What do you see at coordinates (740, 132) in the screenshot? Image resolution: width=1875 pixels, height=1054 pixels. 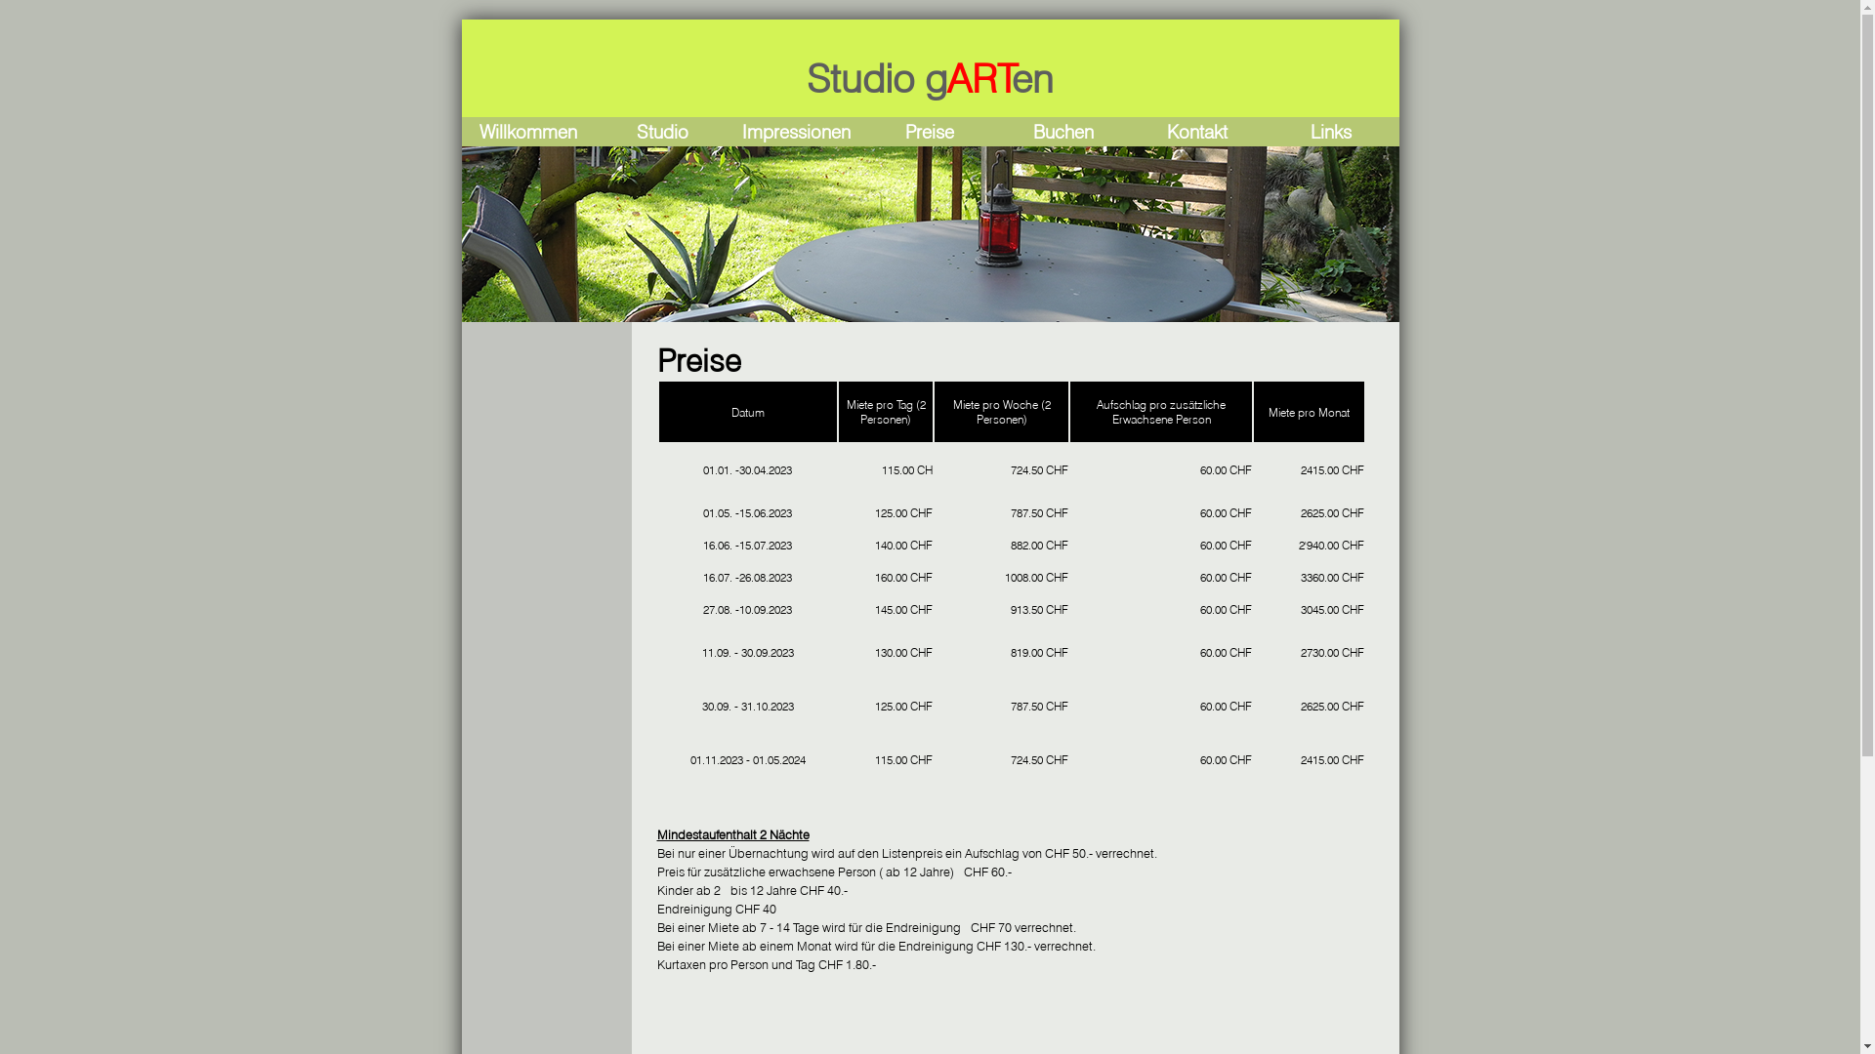 I see `'Impressionen'` at bounding box center [740, 132].